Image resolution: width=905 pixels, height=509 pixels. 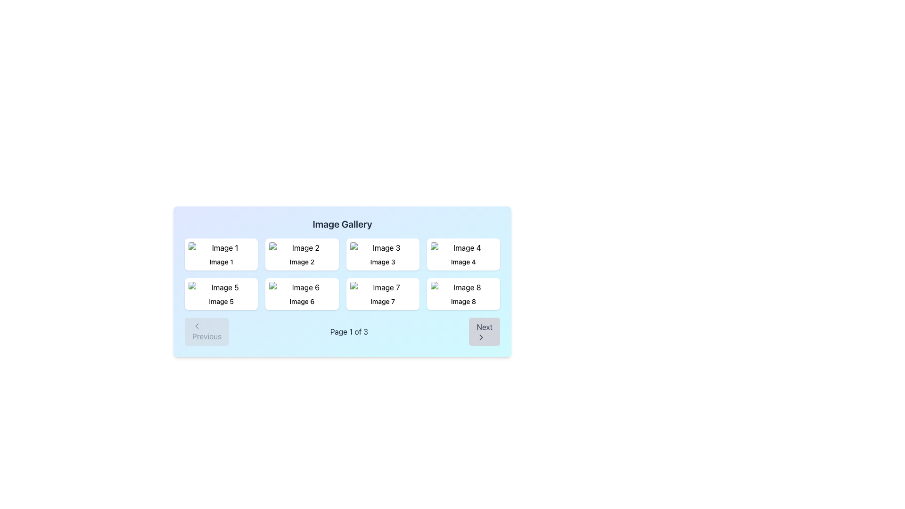 I want to click on the 'Next' button located at the far-right end of the interface, so click(x=485, y=331).